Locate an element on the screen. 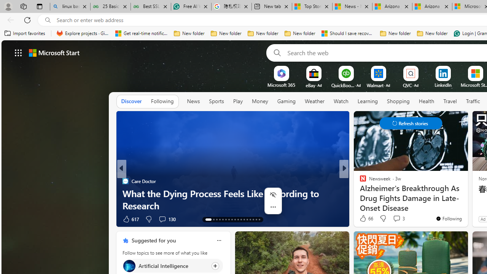 The image size is (487, 274). 'AutomationID: tab-13' is located at coordinates (206, 220).